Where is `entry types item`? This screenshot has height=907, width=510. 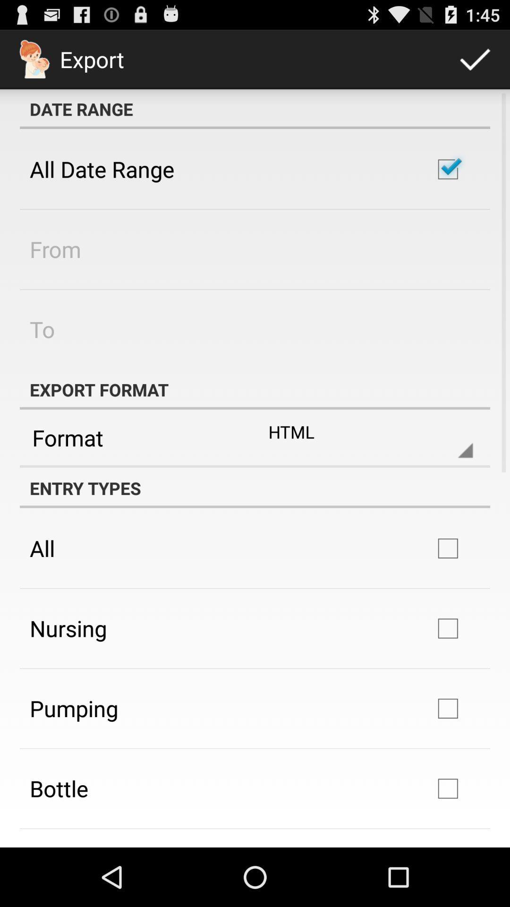 entry types item is located at coordinates (255, 488).